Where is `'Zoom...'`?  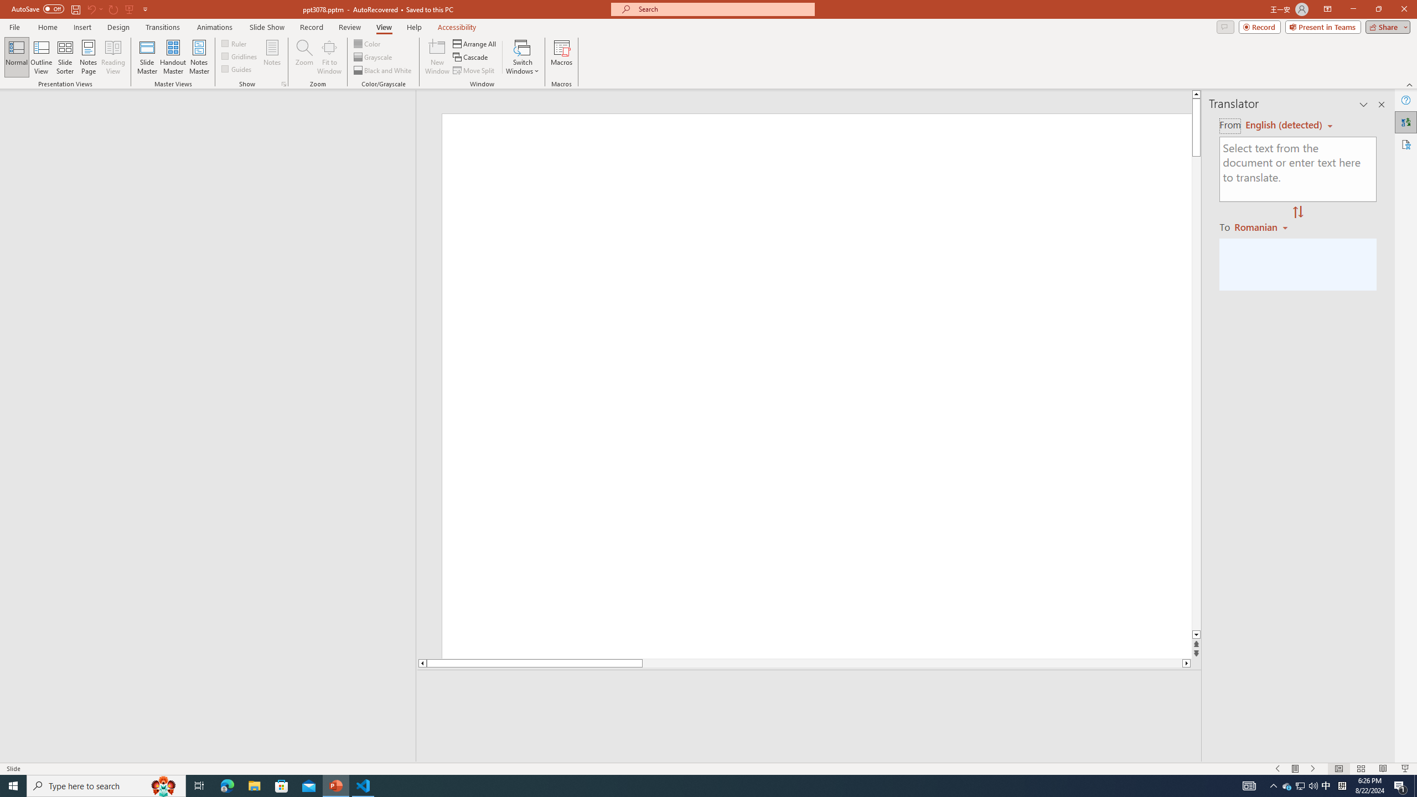 'Zoom...' is located at coordinates (304, 57).